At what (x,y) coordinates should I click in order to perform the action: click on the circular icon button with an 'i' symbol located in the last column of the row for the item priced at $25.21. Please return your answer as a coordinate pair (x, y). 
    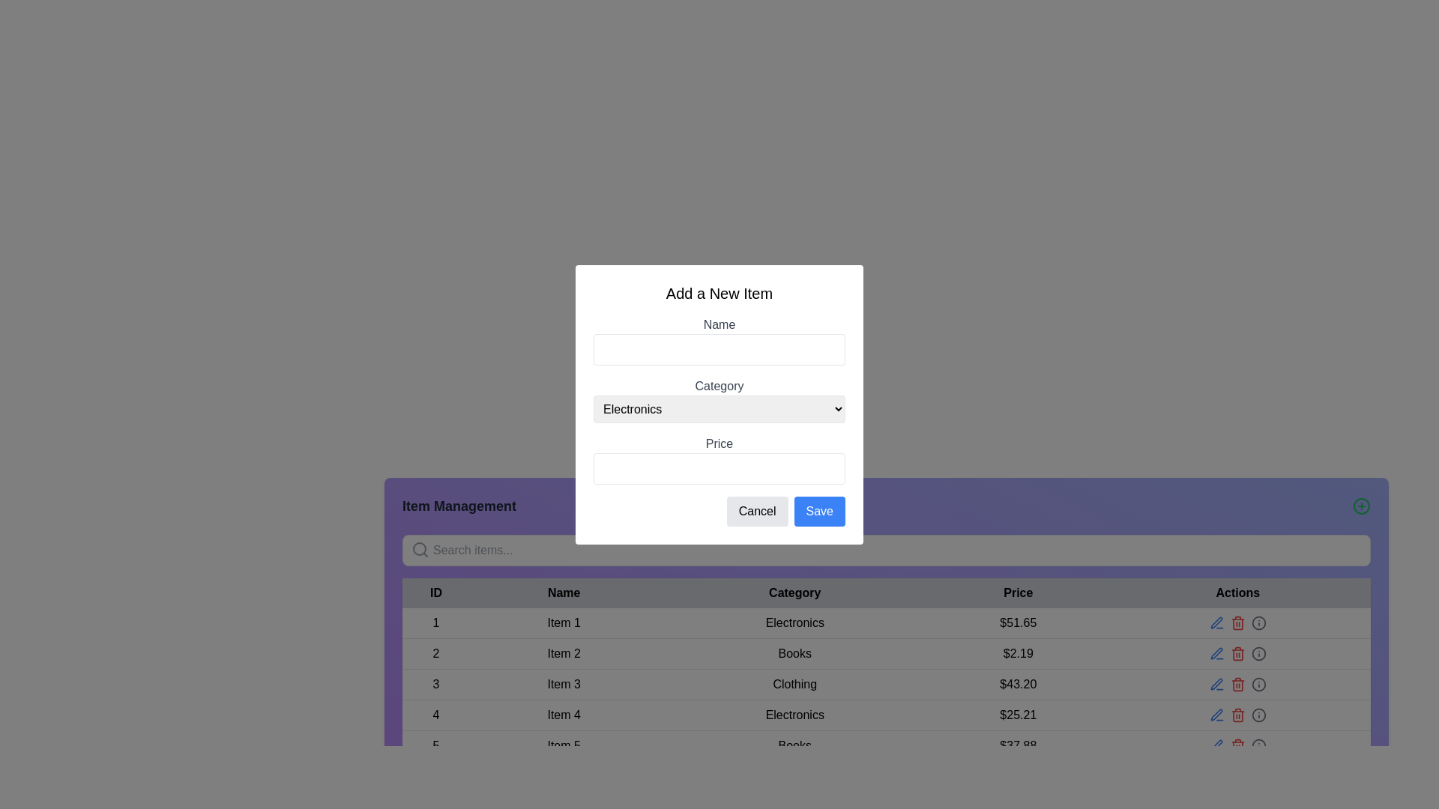
    Looking at the image, I should click on (1258, 623).